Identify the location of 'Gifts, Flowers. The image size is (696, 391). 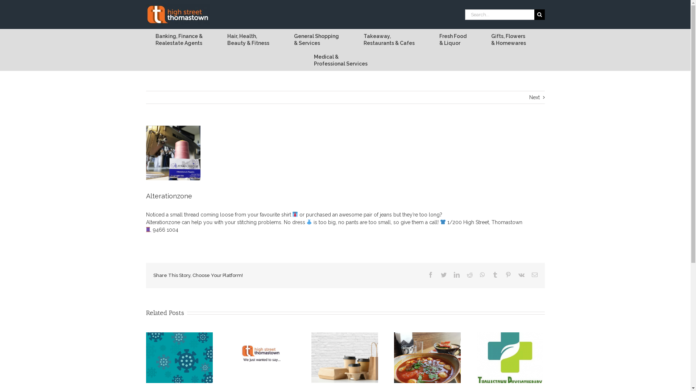
(484, 39).